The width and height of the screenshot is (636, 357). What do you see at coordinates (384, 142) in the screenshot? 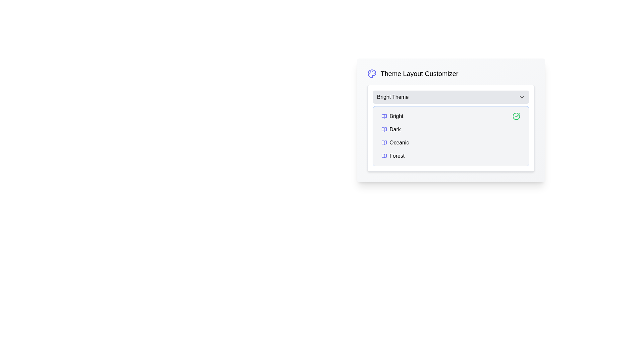
I see `the decorative icon that symbolizes the 'Oceanic' option, which is located to the left of the text 'Oceanic'` at bounding box center [384, 142].